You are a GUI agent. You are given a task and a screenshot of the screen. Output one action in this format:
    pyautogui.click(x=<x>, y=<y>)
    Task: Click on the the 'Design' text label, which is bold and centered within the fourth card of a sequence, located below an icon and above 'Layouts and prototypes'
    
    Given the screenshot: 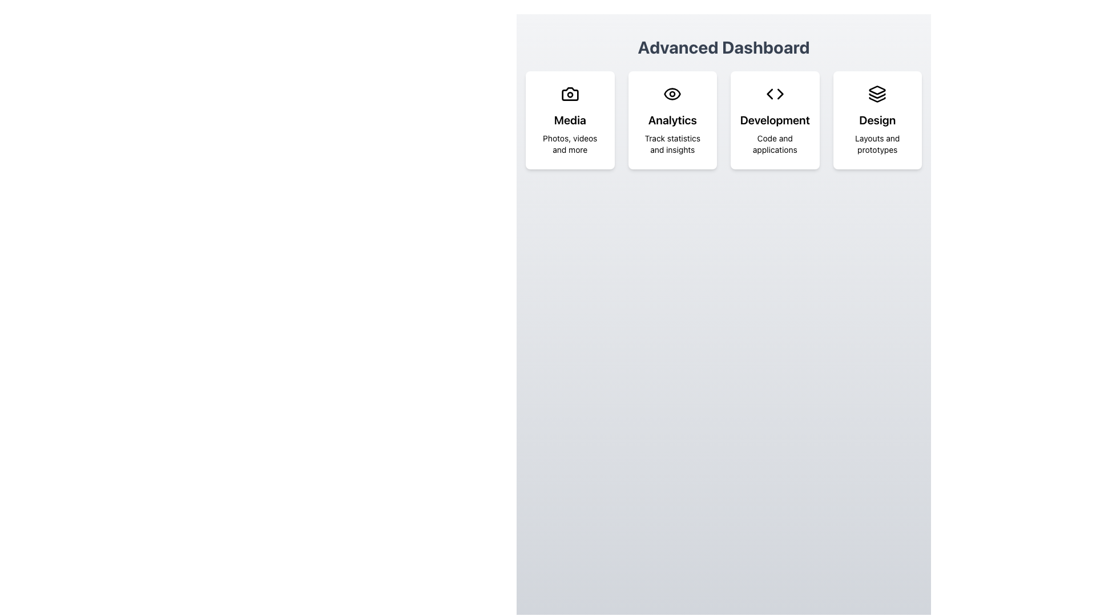 What is the action you would take?
    pyautogui.click(x=877, y=120)
    